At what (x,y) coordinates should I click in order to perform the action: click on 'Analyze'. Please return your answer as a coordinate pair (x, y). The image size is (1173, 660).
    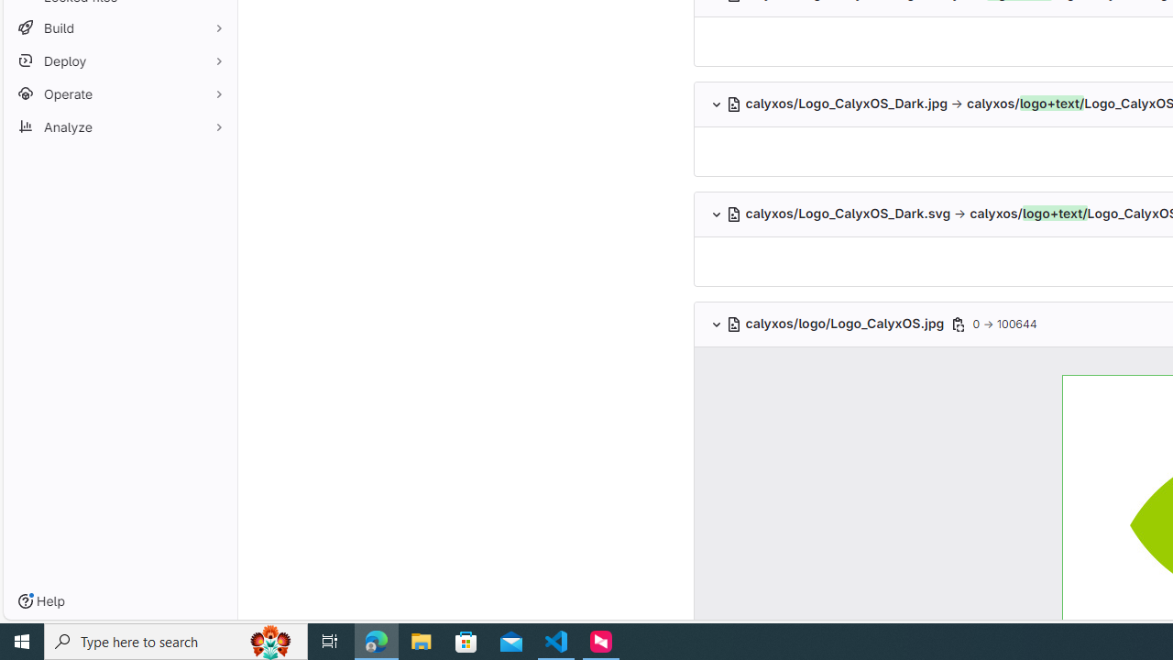
    Looking at the image, I should click on (119, 126).